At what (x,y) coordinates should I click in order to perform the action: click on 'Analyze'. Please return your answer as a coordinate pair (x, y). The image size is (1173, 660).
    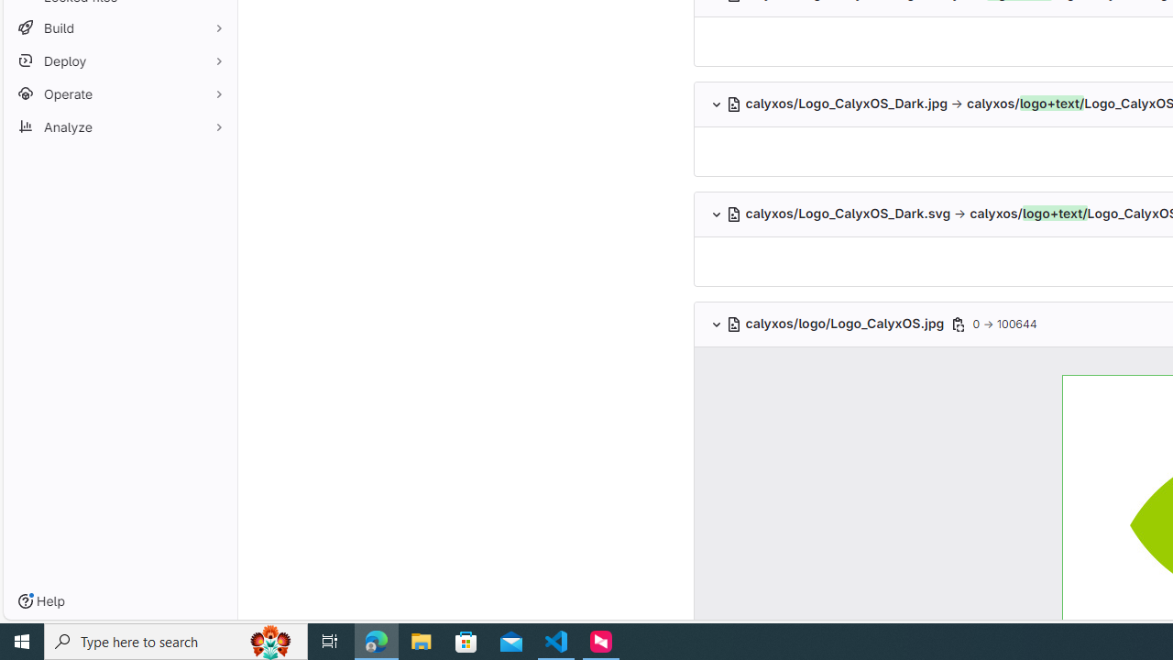
    Looking at the image, I should click on (119, 126).